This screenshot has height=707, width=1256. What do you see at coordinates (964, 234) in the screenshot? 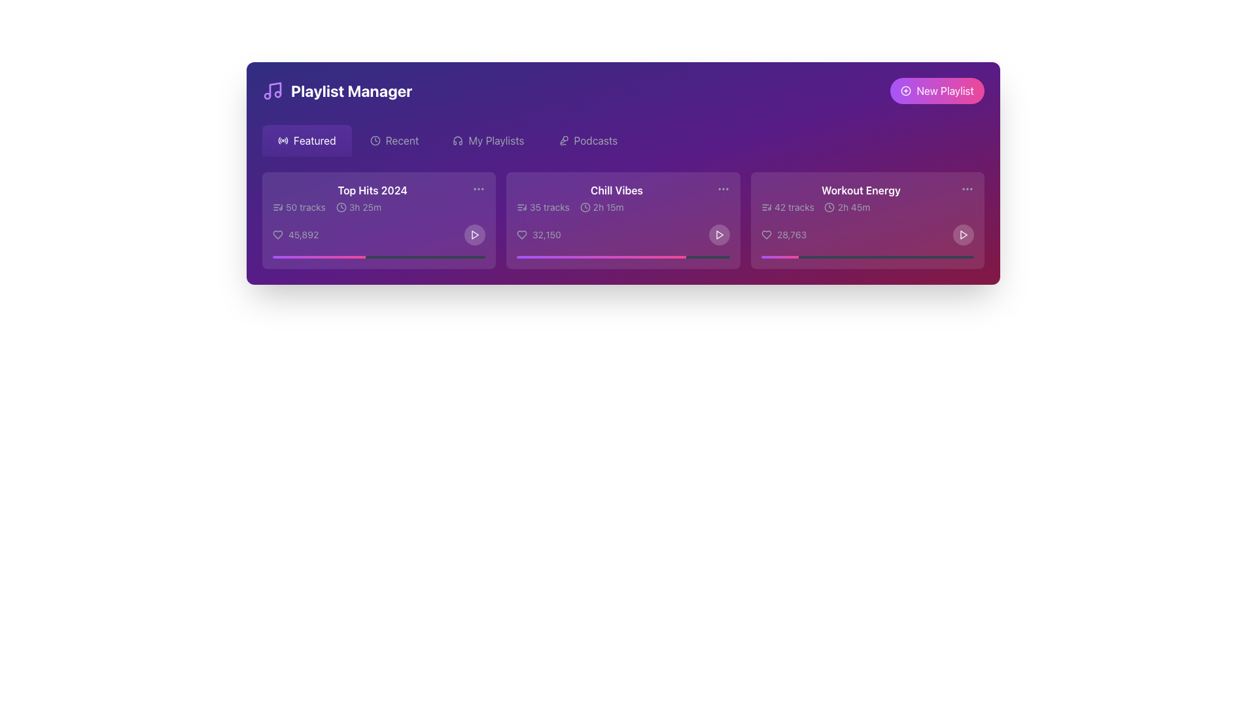
I see `the play button located in the lower-right corner of the 'Workout Energy' card` at bounding box center [964, 234].